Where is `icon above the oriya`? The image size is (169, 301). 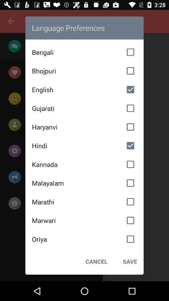
icon above the oriya is located at coordinates (84, 220).